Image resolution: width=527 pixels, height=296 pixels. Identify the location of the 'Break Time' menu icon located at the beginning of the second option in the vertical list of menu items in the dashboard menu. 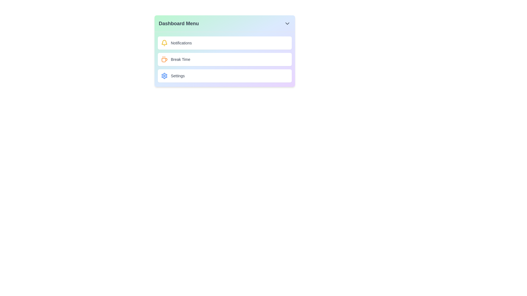
(164, 59).